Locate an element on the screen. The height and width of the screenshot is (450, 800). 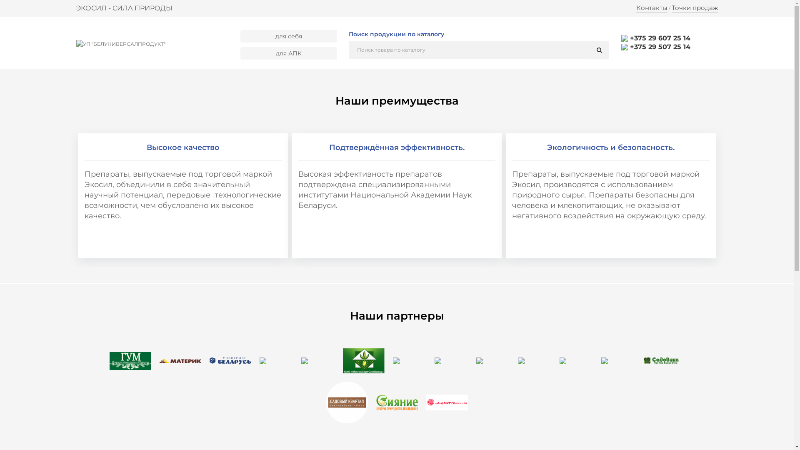
'+375 29 607 25 14' is located at coordinates (655, 38).